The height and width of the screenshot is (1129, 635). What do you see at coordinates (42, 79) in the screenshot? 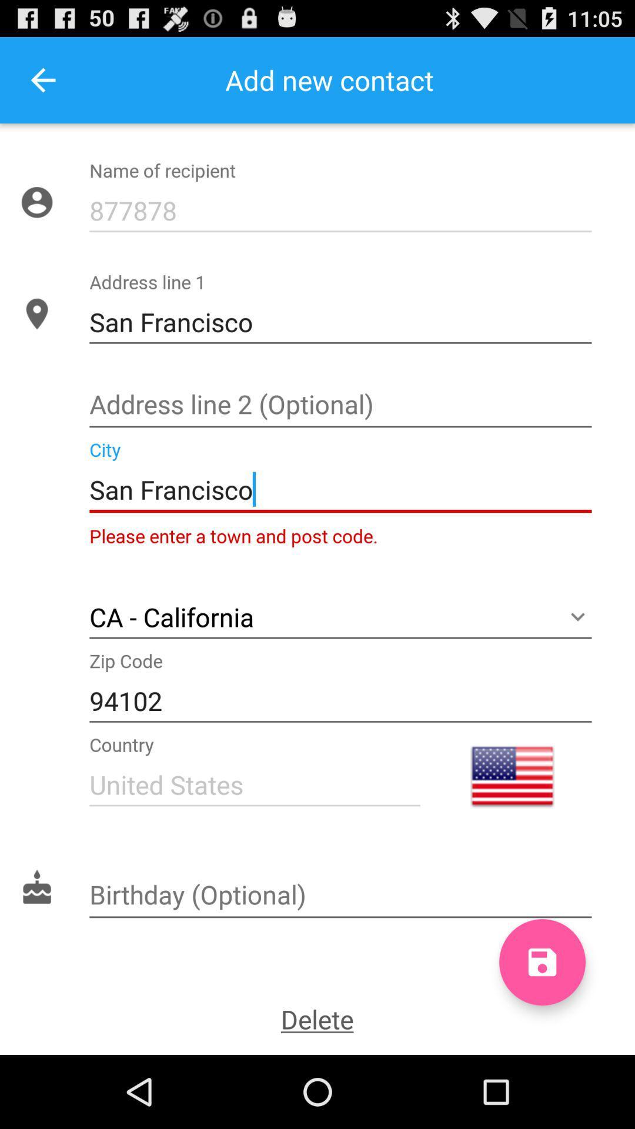
I see `go back` at bounding box center [42, 79].